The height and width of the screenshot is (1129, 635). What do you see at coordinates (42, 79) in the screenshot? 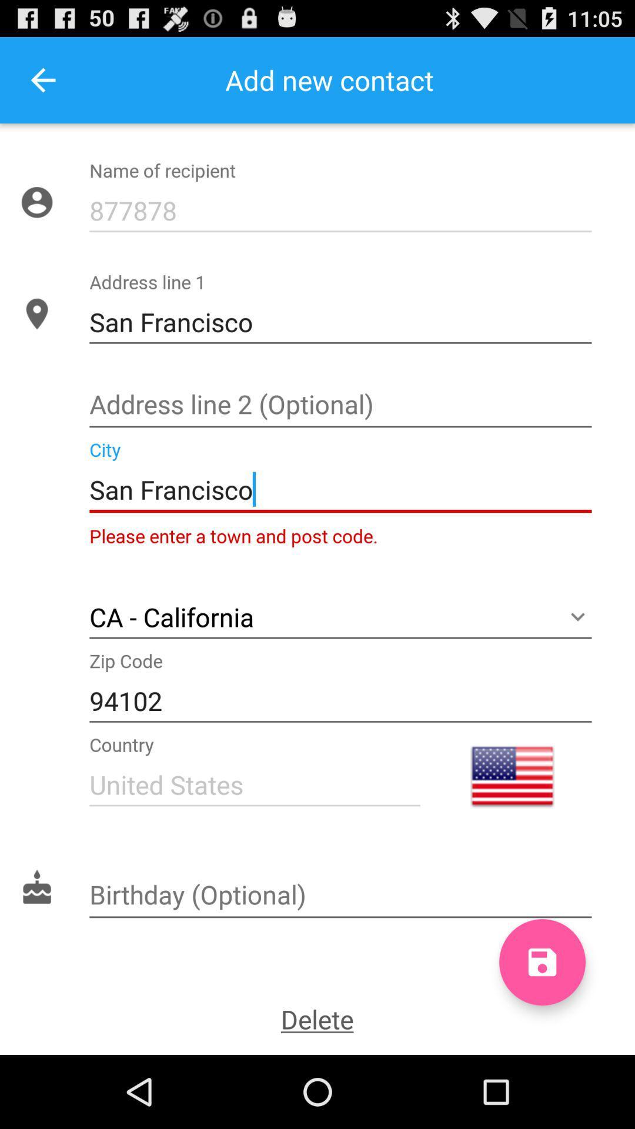
I see `go back` at bounding box center [42, 79].